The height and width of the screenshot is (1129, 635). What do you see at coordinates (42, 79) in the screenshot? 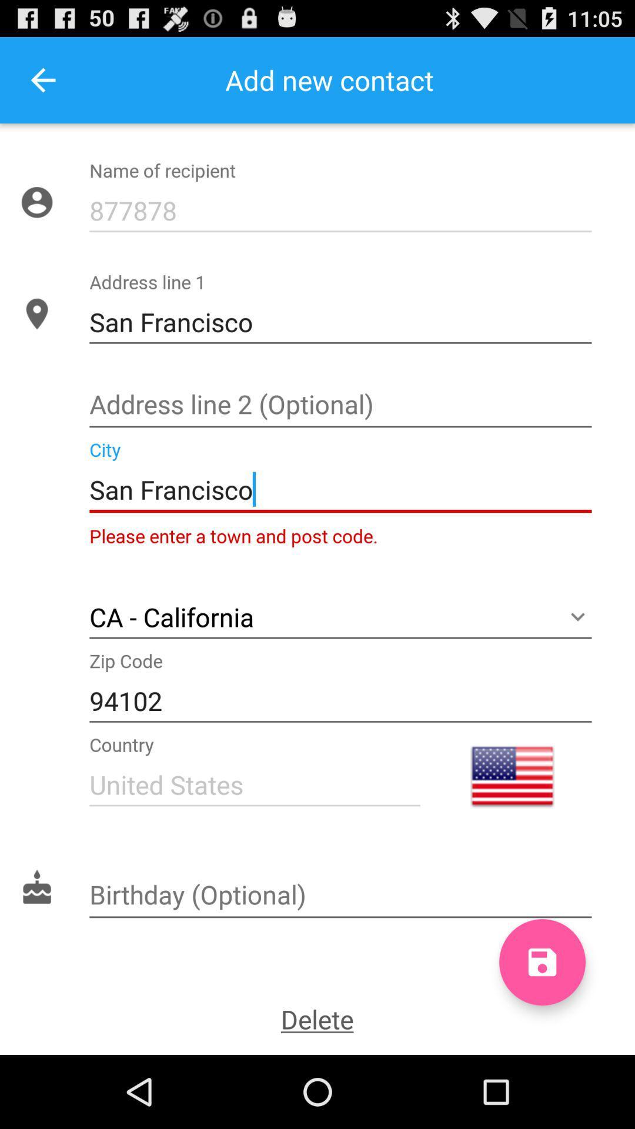
I see `go back` at bounding box center [42, 79].